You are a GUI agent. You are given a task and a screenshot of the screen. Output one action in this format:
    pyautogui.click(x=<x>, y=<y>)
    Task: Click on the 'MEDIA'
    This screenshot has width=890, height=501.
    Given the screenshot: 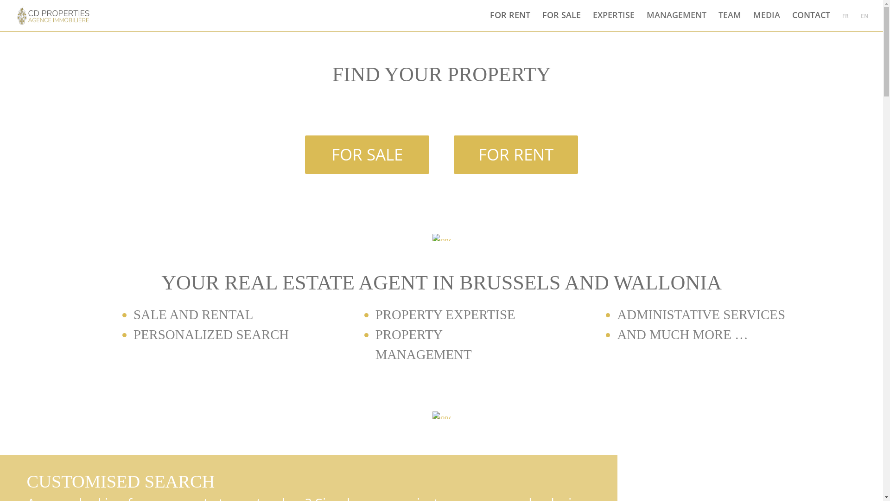 What is the action you would take?
    pyautogui.click(x=767, y=20)
    